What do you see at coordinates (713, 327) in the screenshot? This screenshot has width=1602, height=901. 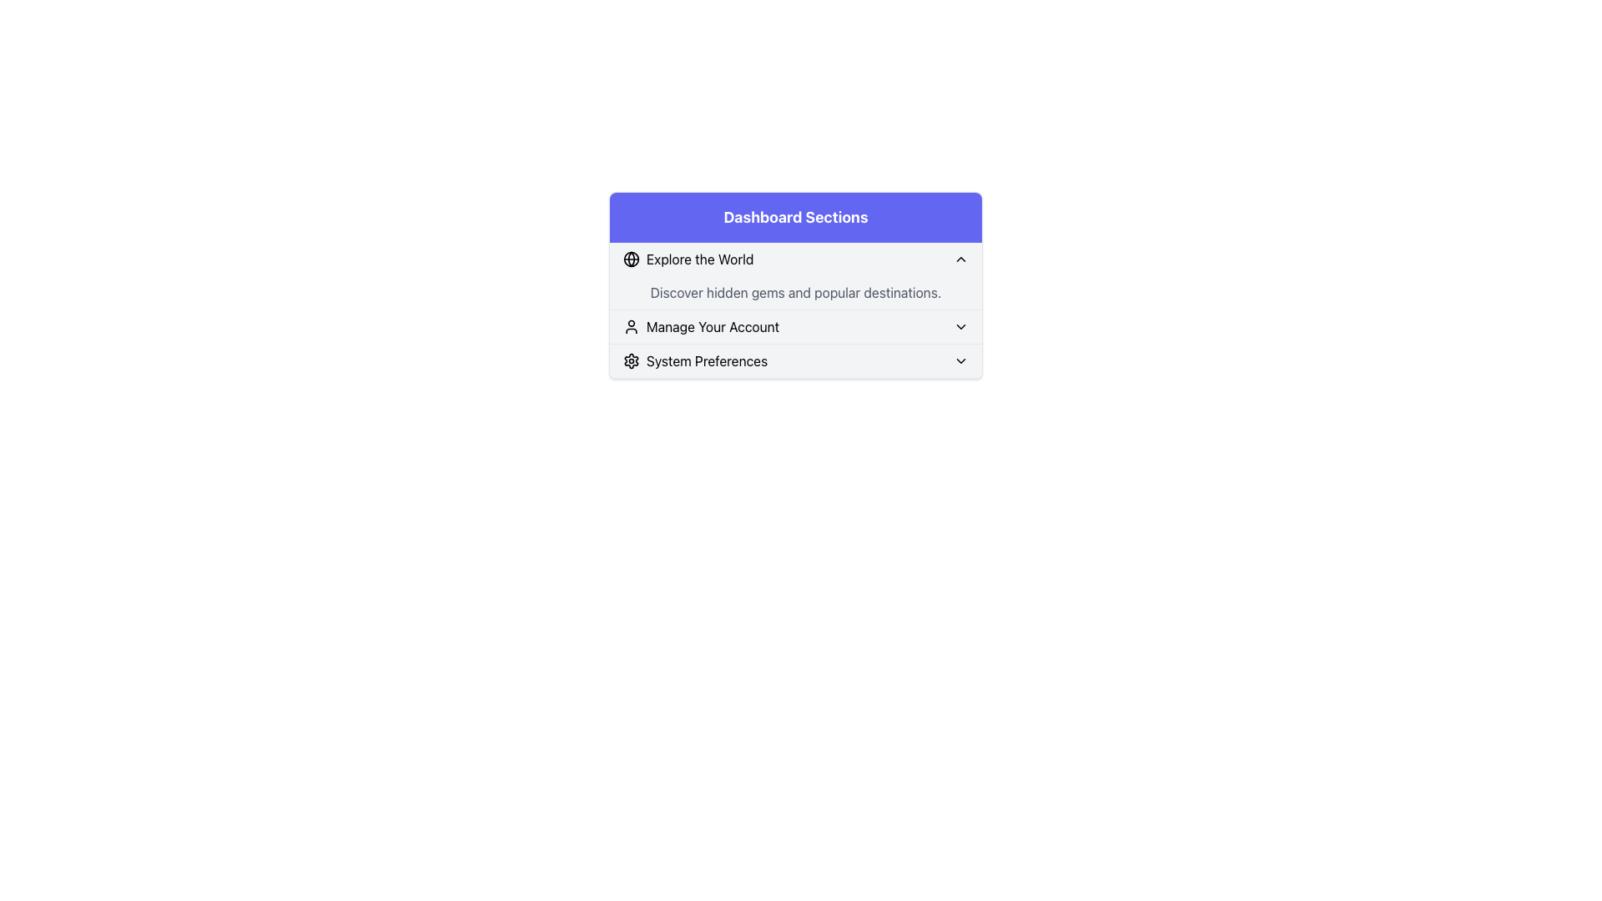 I see `the text label that serves as a title for account management settings, located between the 'Explore the World' and 'System Preferences' sections` at bounding box center [713, 327].